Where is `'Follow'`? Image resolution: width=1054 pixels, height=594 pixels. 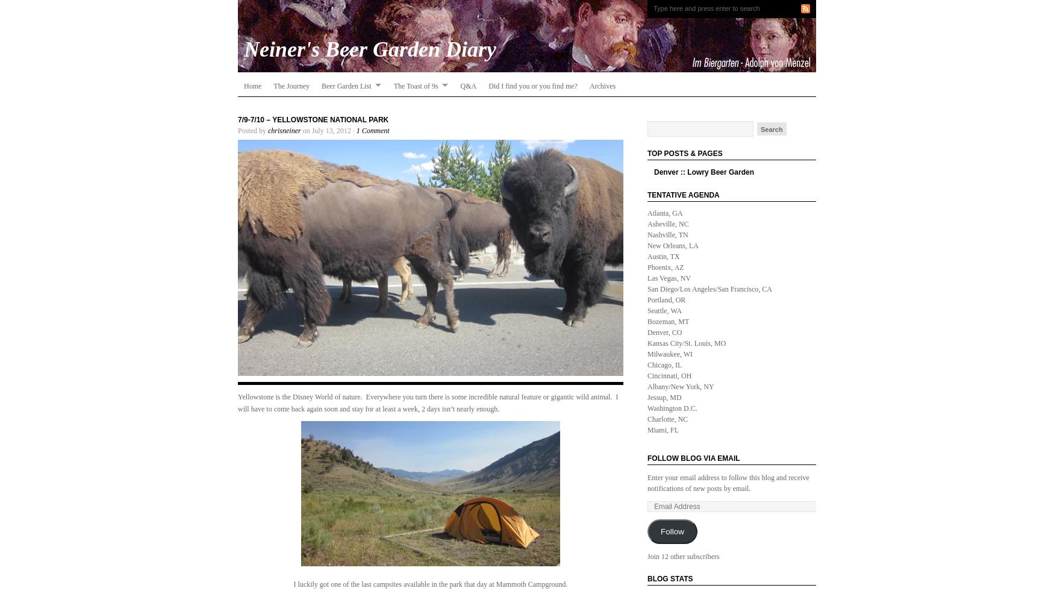
'Follow' is located at coordinates (672, 531).